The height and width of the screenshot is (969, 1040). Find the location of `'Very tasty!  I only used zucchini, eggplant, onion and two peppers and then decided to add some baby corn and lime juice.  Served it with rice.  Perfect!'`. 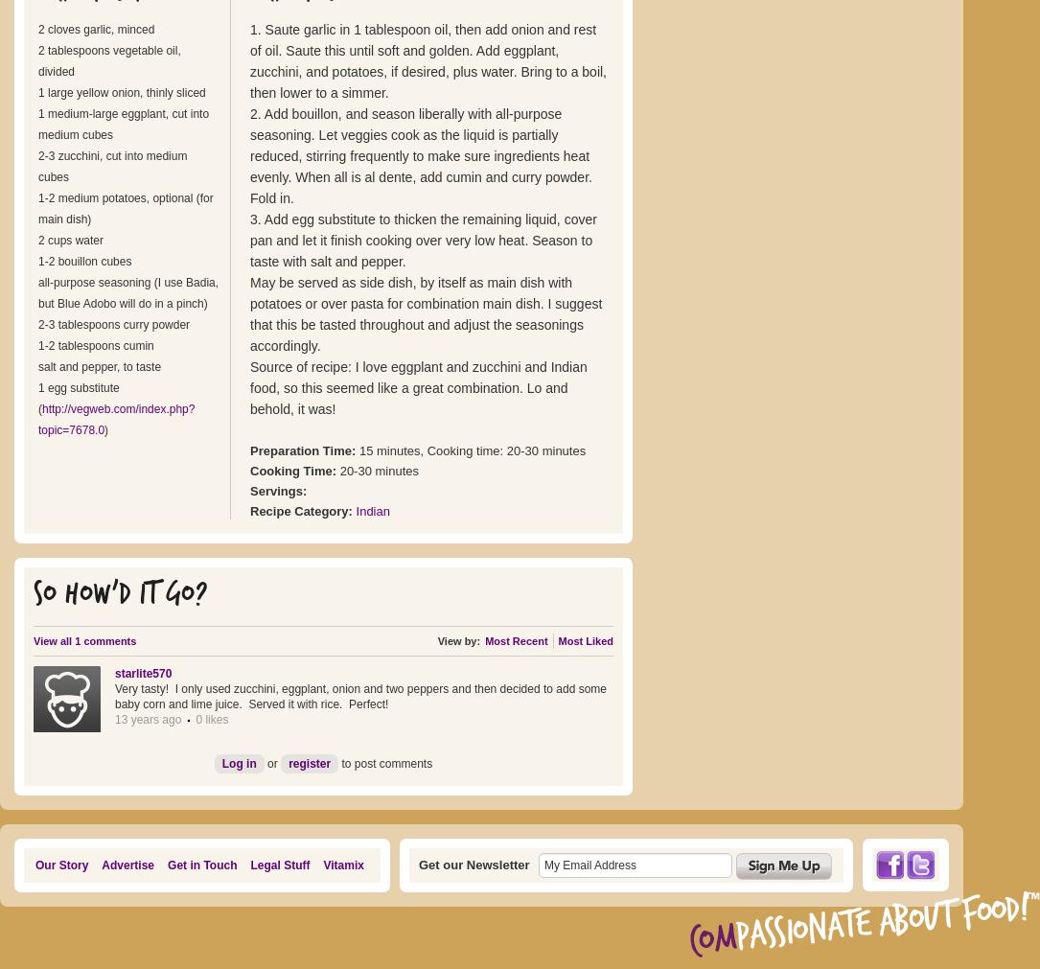

'Very tasty!  I only used zucchini, eggplant, onion and two peppers and then decided to add some baby corn and lime juice.  Served it with rice.  Perfect!' is located at coordinates (360, 696).